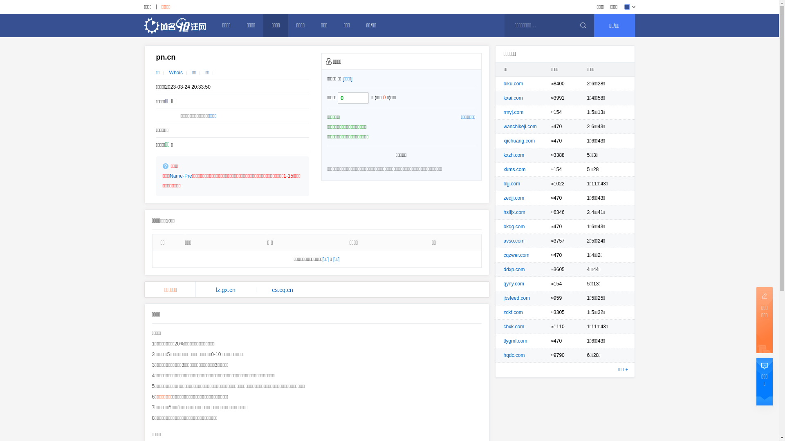 The height and width of the screenshot is (441, 785). What do you see at coordinates (514, 198) in the screenshot?
I see `'zedjj.com'` at bounding box center [514, 198].